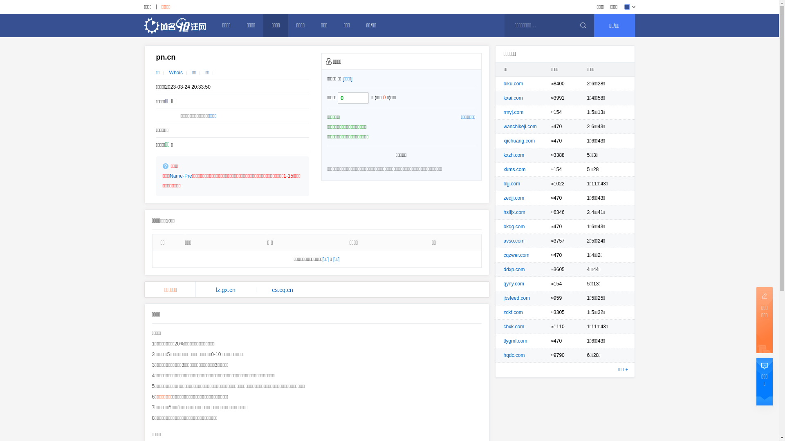 The height and width of the screenshot is (441, 785). What do you see at coordinates (514, 198) in the screenshot?
I see `'zedjj.com'` at bounding box center [514, 198].